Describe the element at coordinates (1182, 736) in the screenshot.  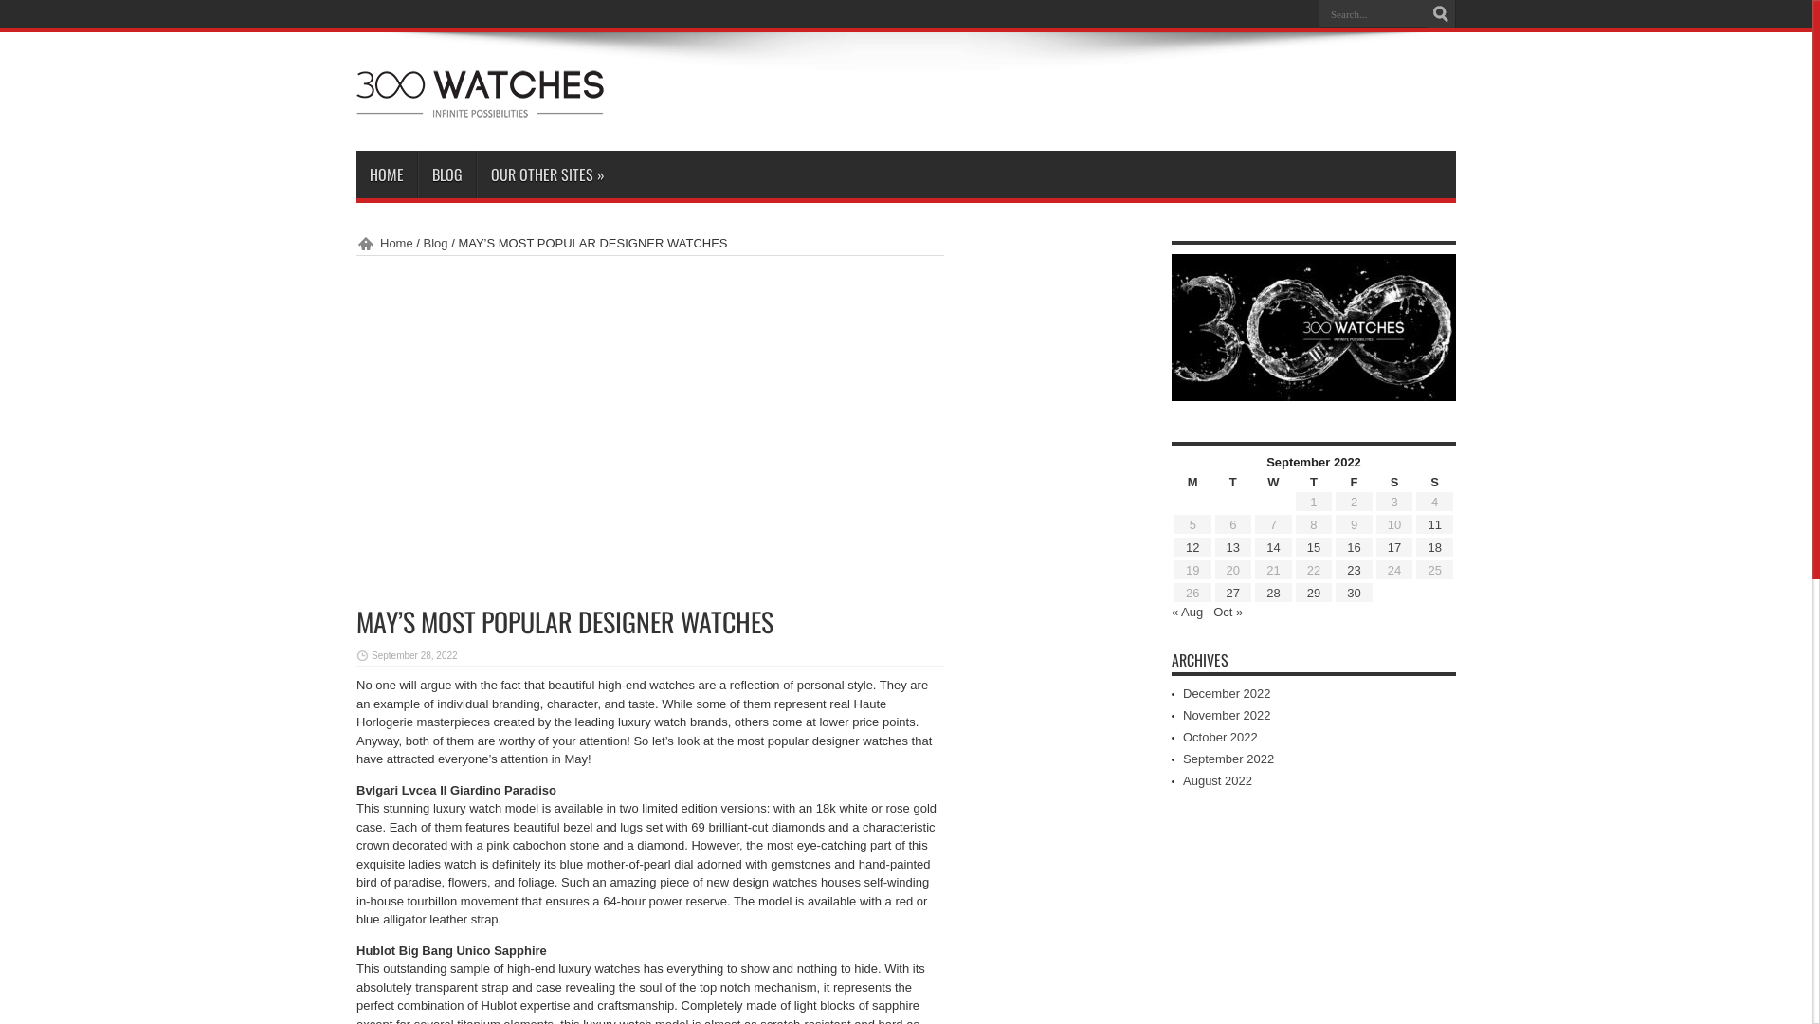
I see `'October 2022'` at that location.